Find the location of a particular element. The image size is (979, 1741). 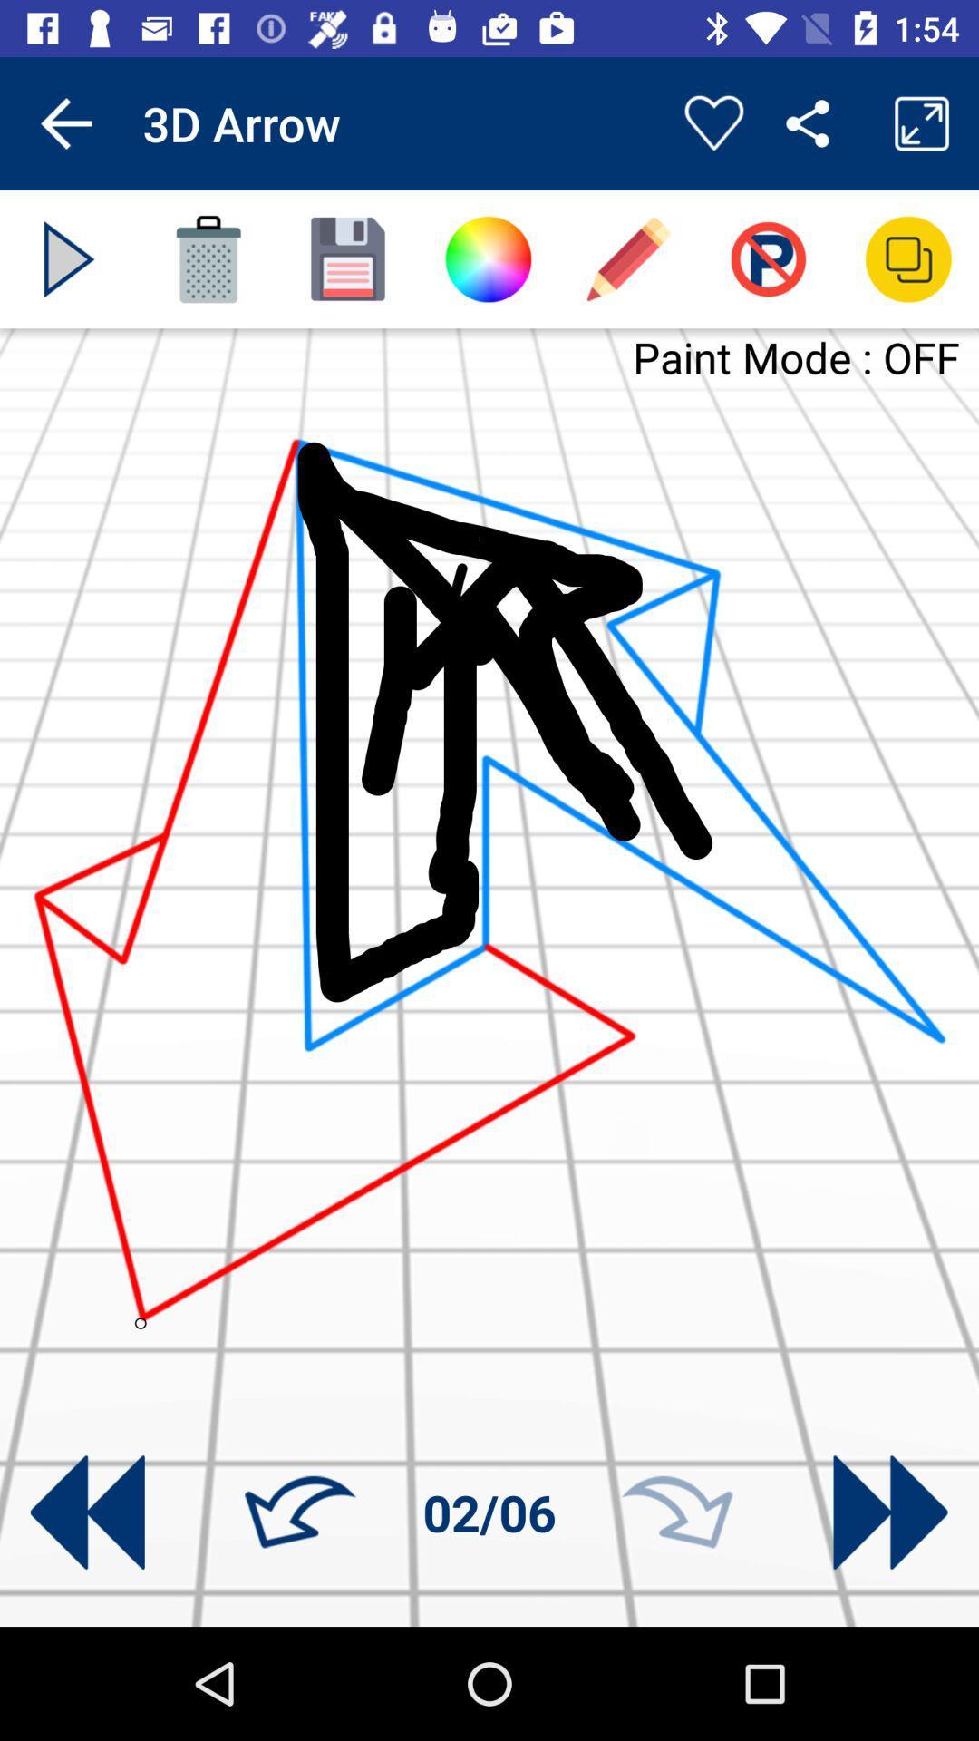

the app below the 3d arrow is located at coordinates (208, 258).